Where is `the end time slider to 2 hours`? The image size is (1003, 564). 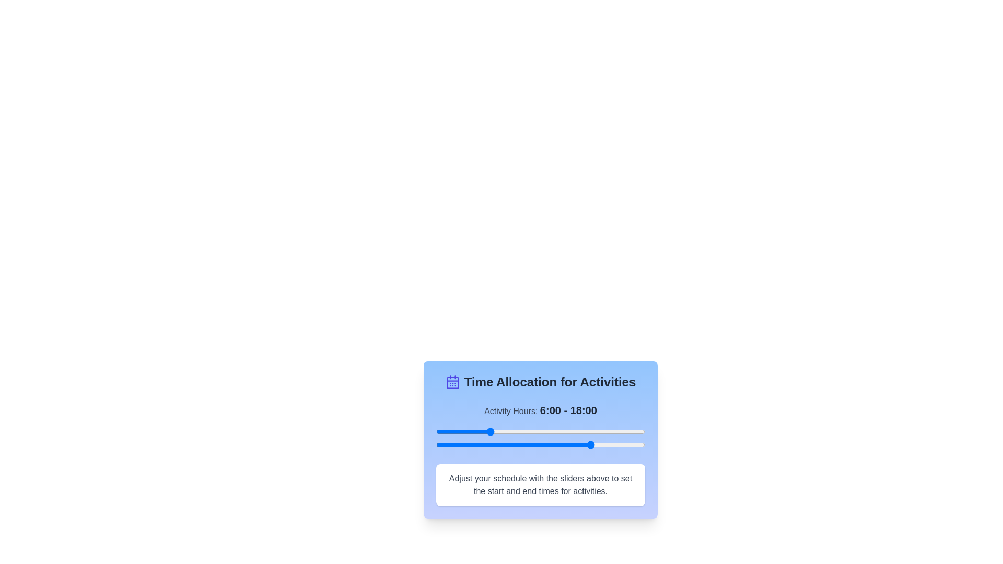
the end time slider to 2 hours is located at coordinates (453, 445).